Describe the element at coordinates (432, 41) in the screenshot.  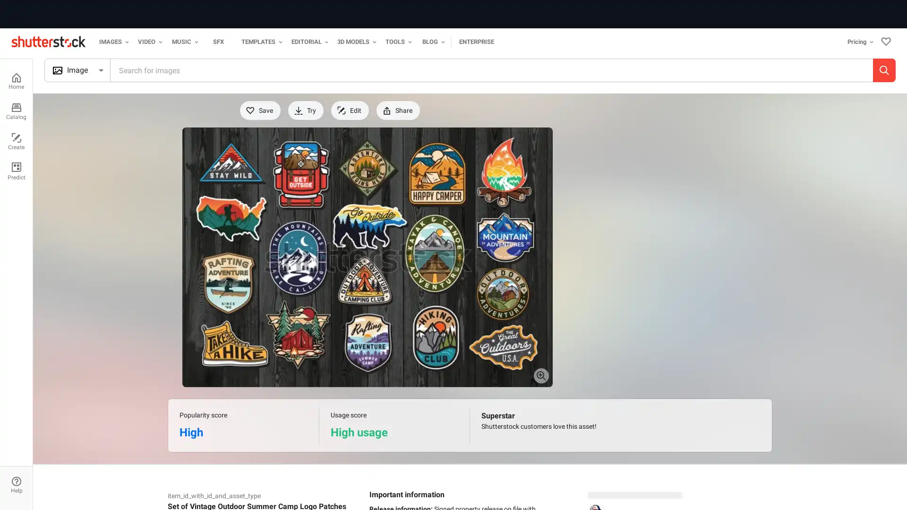
I see `Blog` at that location.